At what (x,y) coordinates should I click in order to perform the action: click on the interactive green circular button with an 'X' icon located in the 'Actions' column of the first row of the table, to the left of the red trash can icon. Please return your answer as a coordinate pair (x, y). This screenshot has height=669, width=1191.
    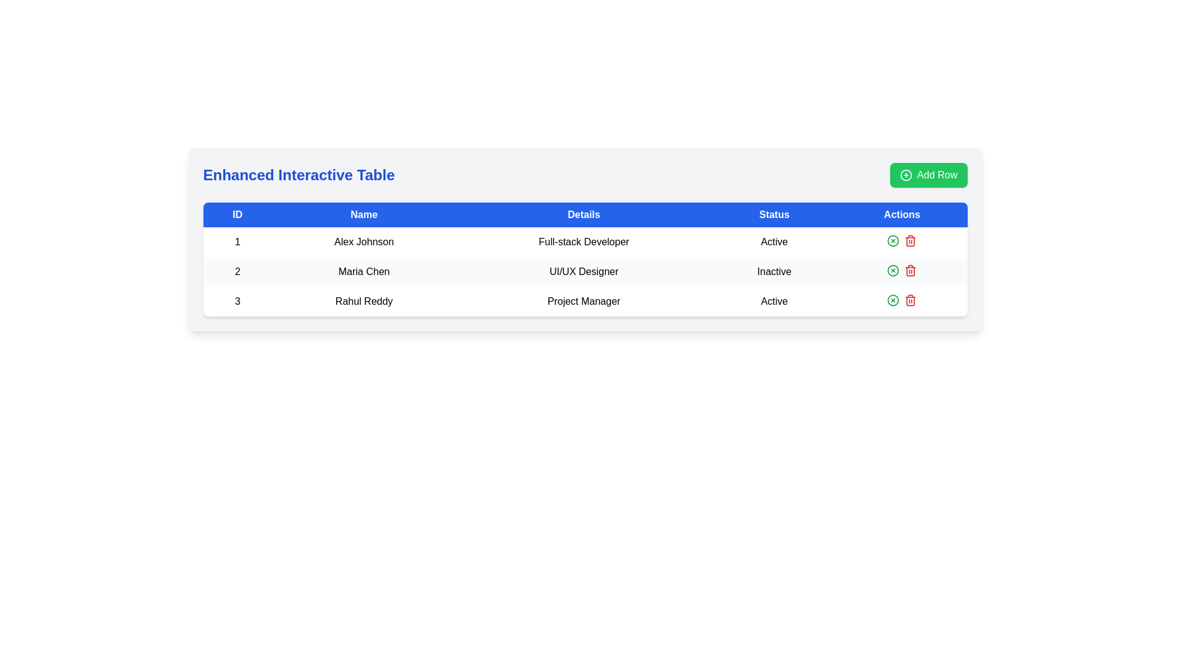
    Looking at the image, I should click on (893, 241).